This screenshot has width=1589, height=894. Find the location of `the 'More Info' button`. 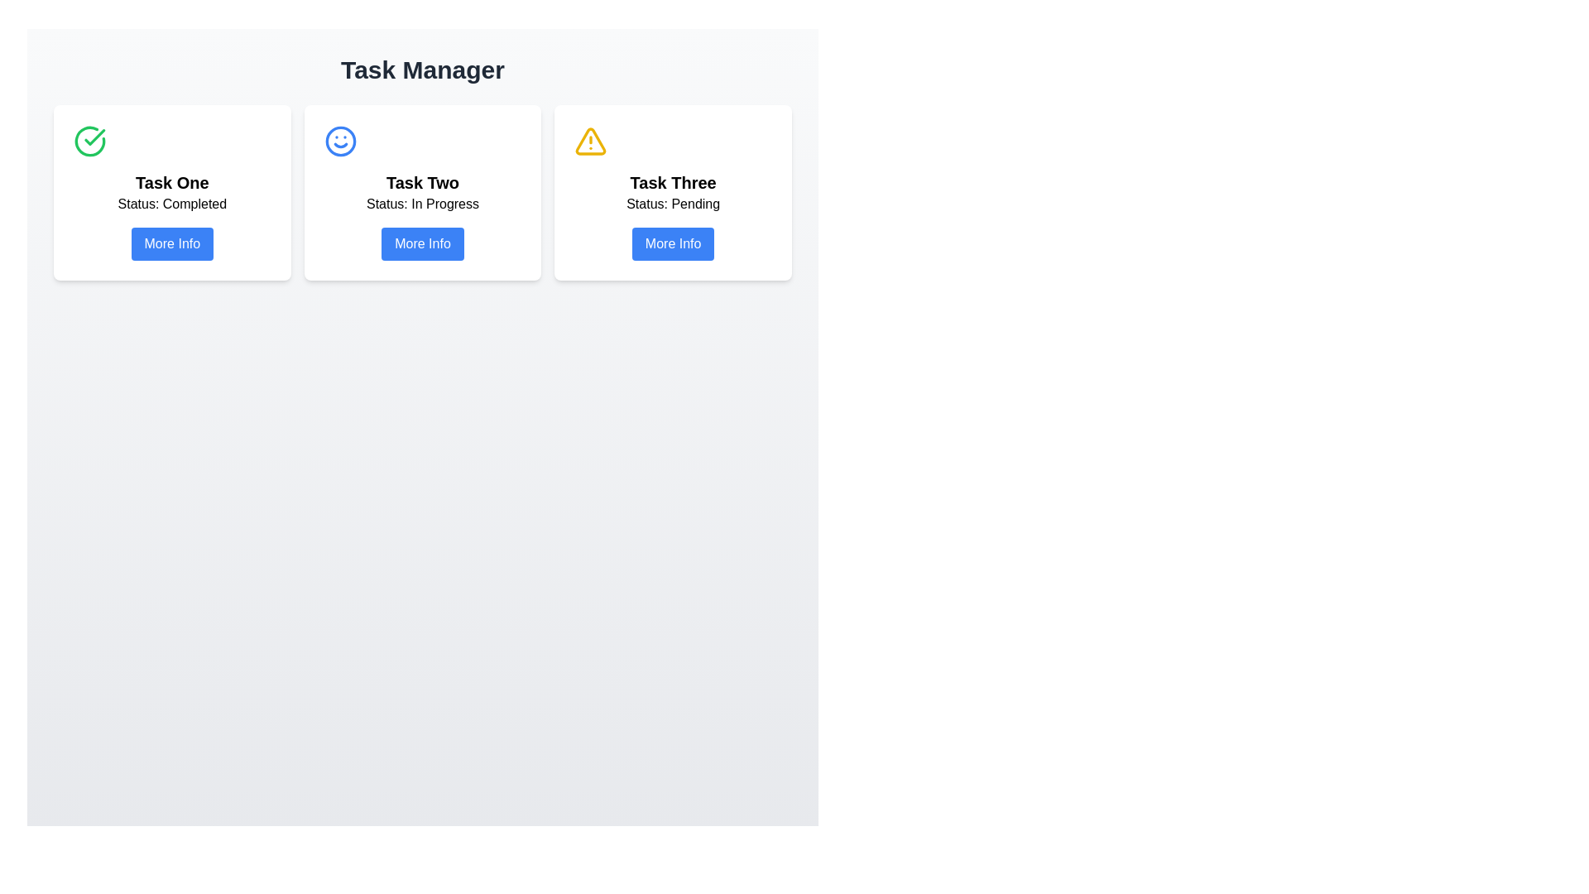

the 'More Info' button is located at coordinates (673, 243).